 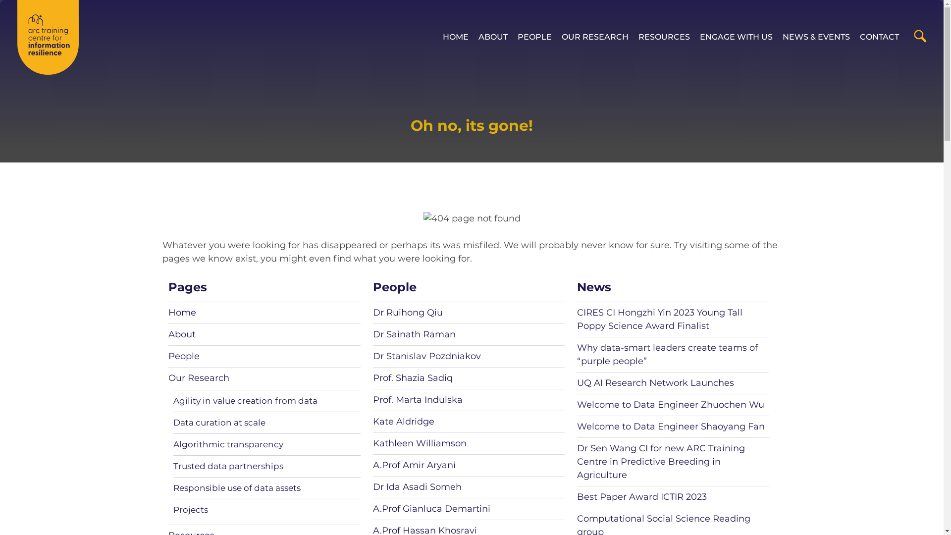 What do you see at coordinates (736, 36) in the screenshot?
I see `'ENGAGE WITH US'` at bounding box center [736, 36].